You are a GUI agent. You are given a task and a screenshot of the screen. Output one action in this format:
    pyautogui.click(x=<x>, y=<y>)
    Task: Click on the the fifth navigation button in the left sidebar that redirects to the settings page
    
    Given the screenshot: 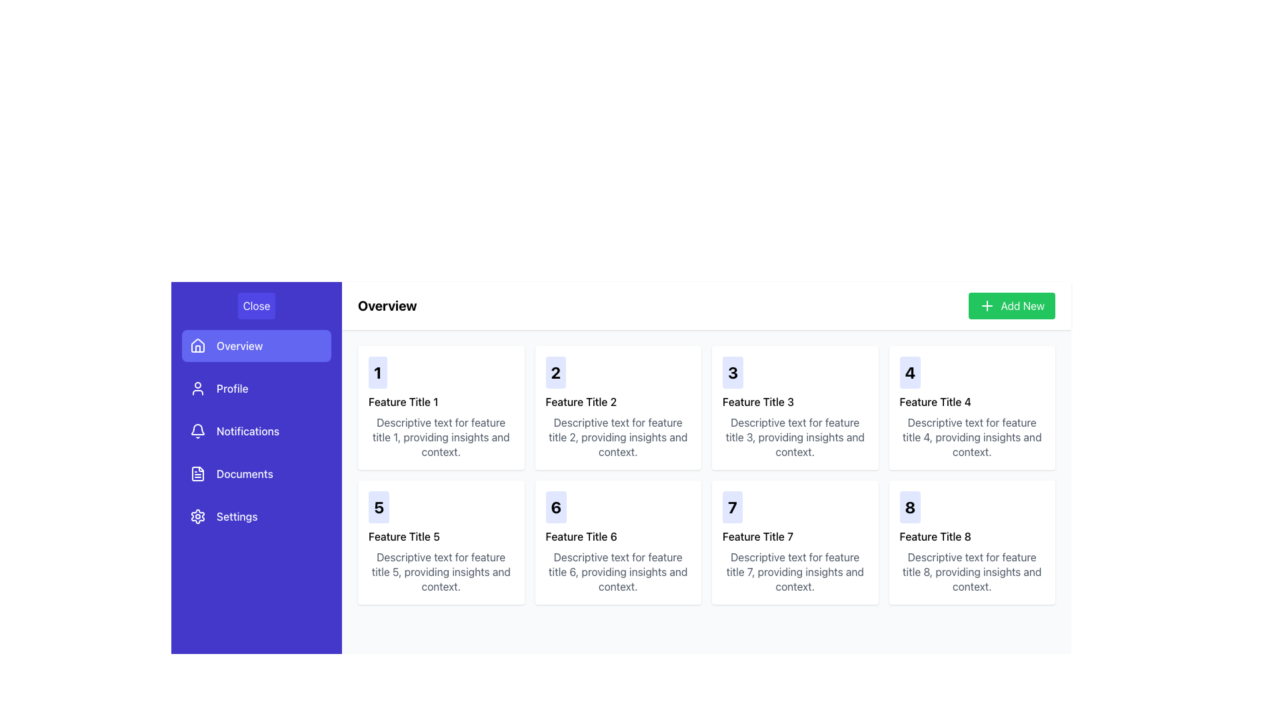 What is the action you would take?
    pyautogui.click(x=256, y=516)
    